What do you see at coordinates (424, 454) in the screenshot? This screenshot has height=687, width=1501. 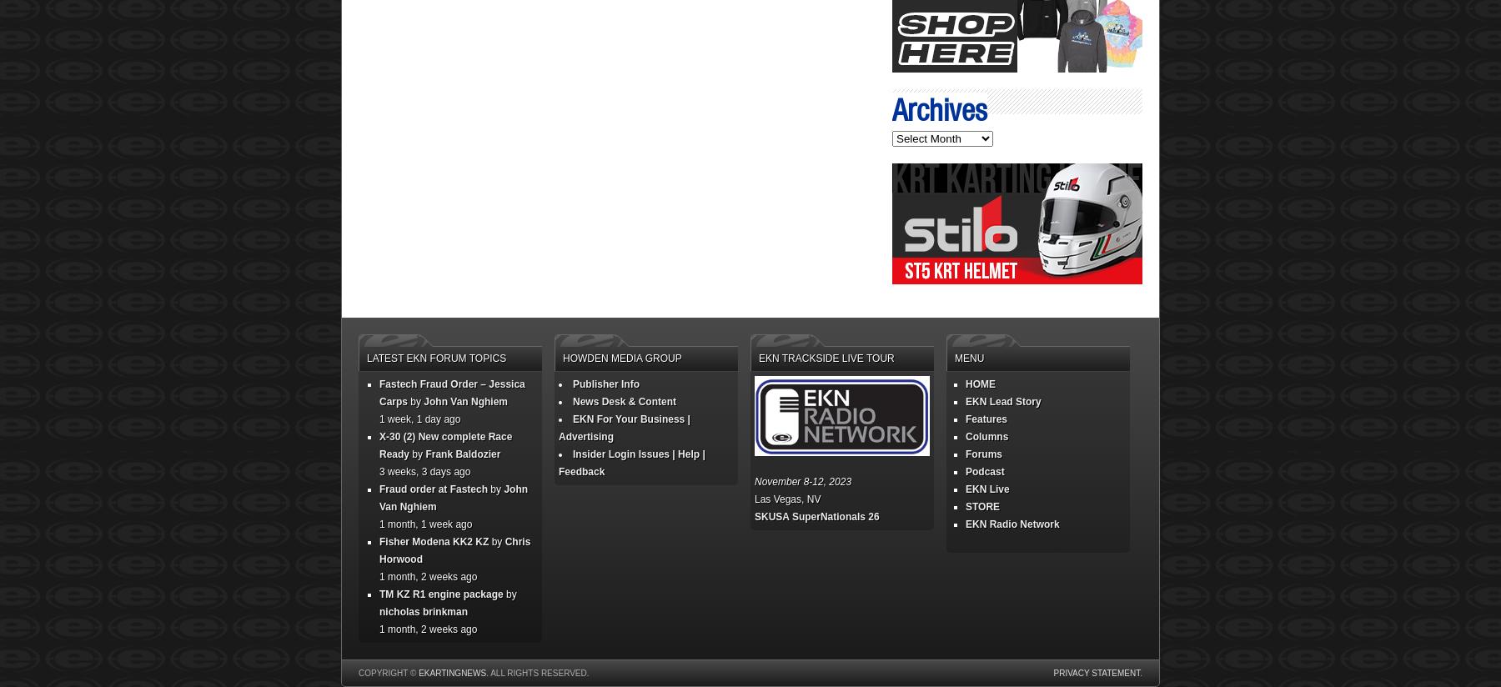 I see `'Frank Baldozier'` at bounding box center [424, 454].